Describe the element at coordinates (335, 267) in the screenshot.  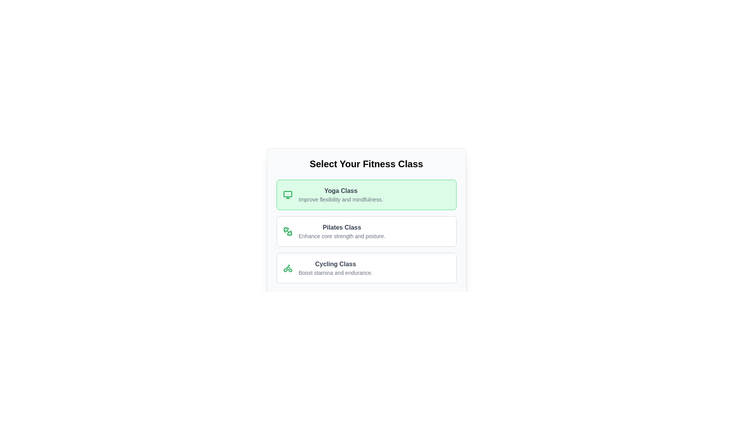
I see `the informational text block titled 'Cycling Class' which features a bold title in dark gray and a description in lighter gray, positioned as the last item in a vertical list of fitness class options` at that location.